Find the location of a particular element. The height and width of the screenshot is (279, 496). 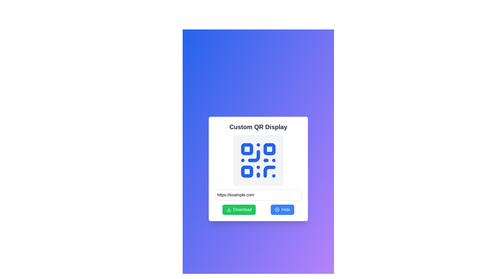

the small blue square with rounded corners located in the upper-left quadrant of the QR code is located at coordinates (247, 149).